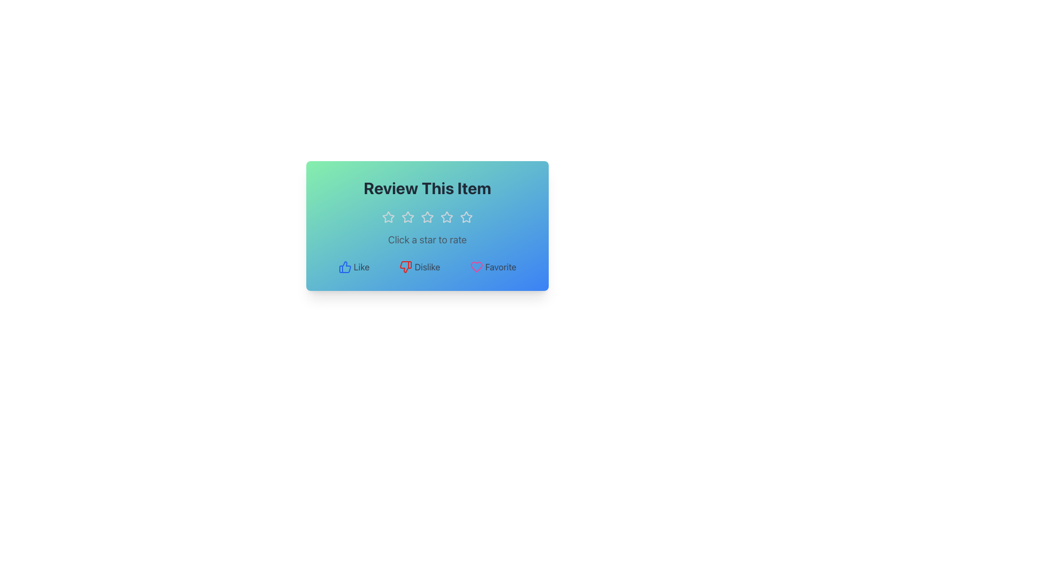  I want to click on the 'Like' button, which features a blue thumb-up icon and is the leftmost option in the 'Review This Item' panel, so click(354, 267).